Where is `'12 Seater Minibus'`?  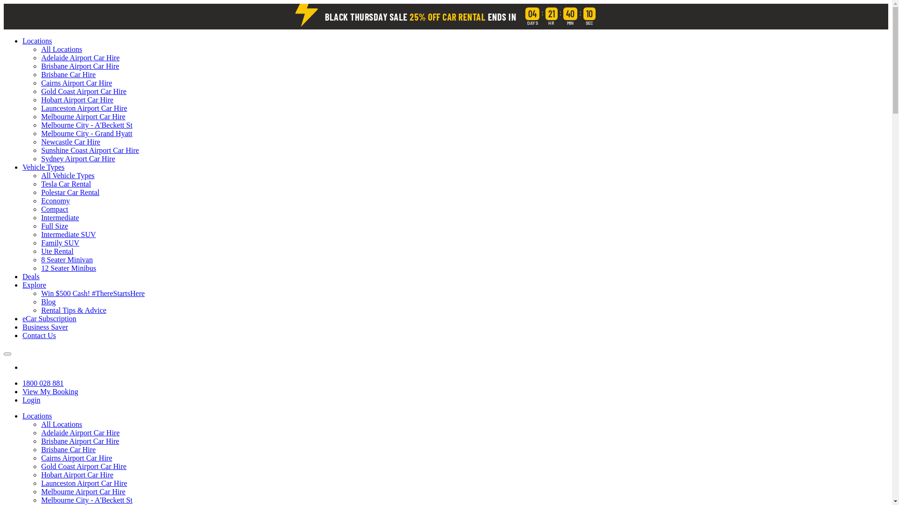 '12 Seater Minibus' is located at coordinates (68, 268).